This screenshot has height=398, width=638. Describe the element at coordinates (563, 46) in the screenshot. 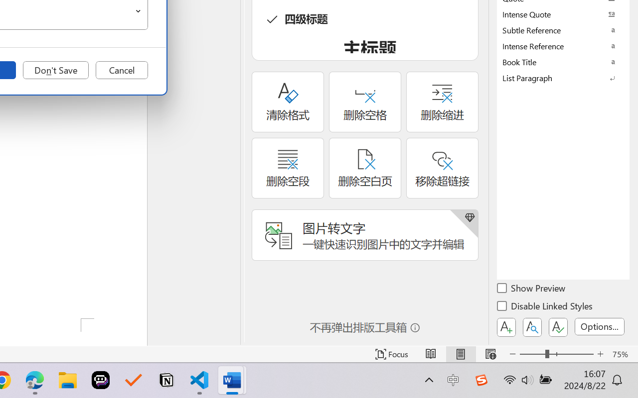

I see `'Intense Reference'` at that location.